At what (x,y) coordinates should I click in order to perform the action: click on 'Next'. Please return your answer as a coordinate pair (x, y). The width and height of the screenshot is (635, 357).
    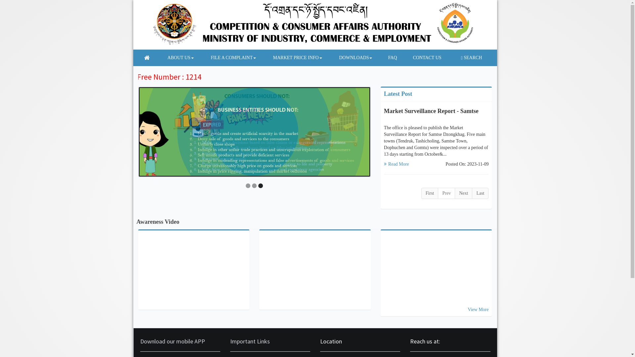
    Looking at the image, I should click on (463, 193).